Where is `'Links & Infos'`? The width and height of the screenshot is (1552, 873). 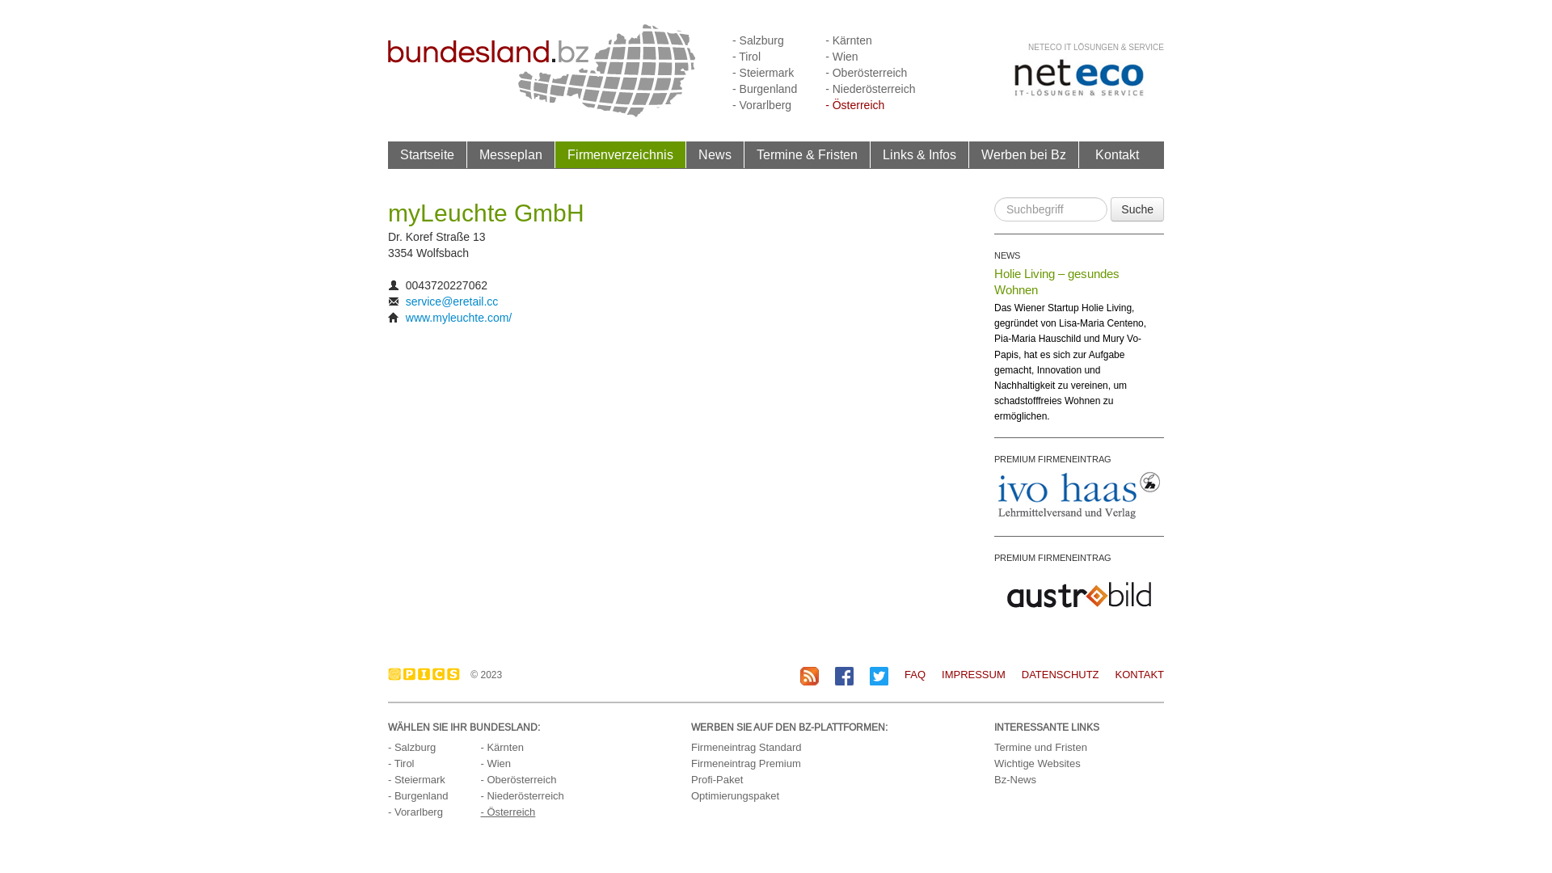 'Links & Infos' is located at coordinates (869, 154).